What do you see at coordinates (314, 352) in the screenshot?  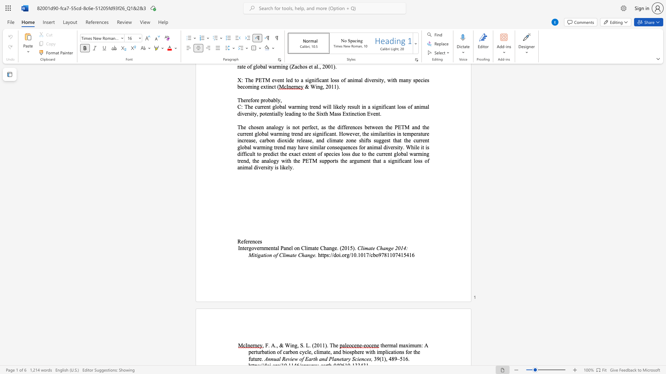 I see `the subset text "cl" within the text "thermal maximum: A perturbation of carbon cycle, cl"` at bounding box center [314, 352].